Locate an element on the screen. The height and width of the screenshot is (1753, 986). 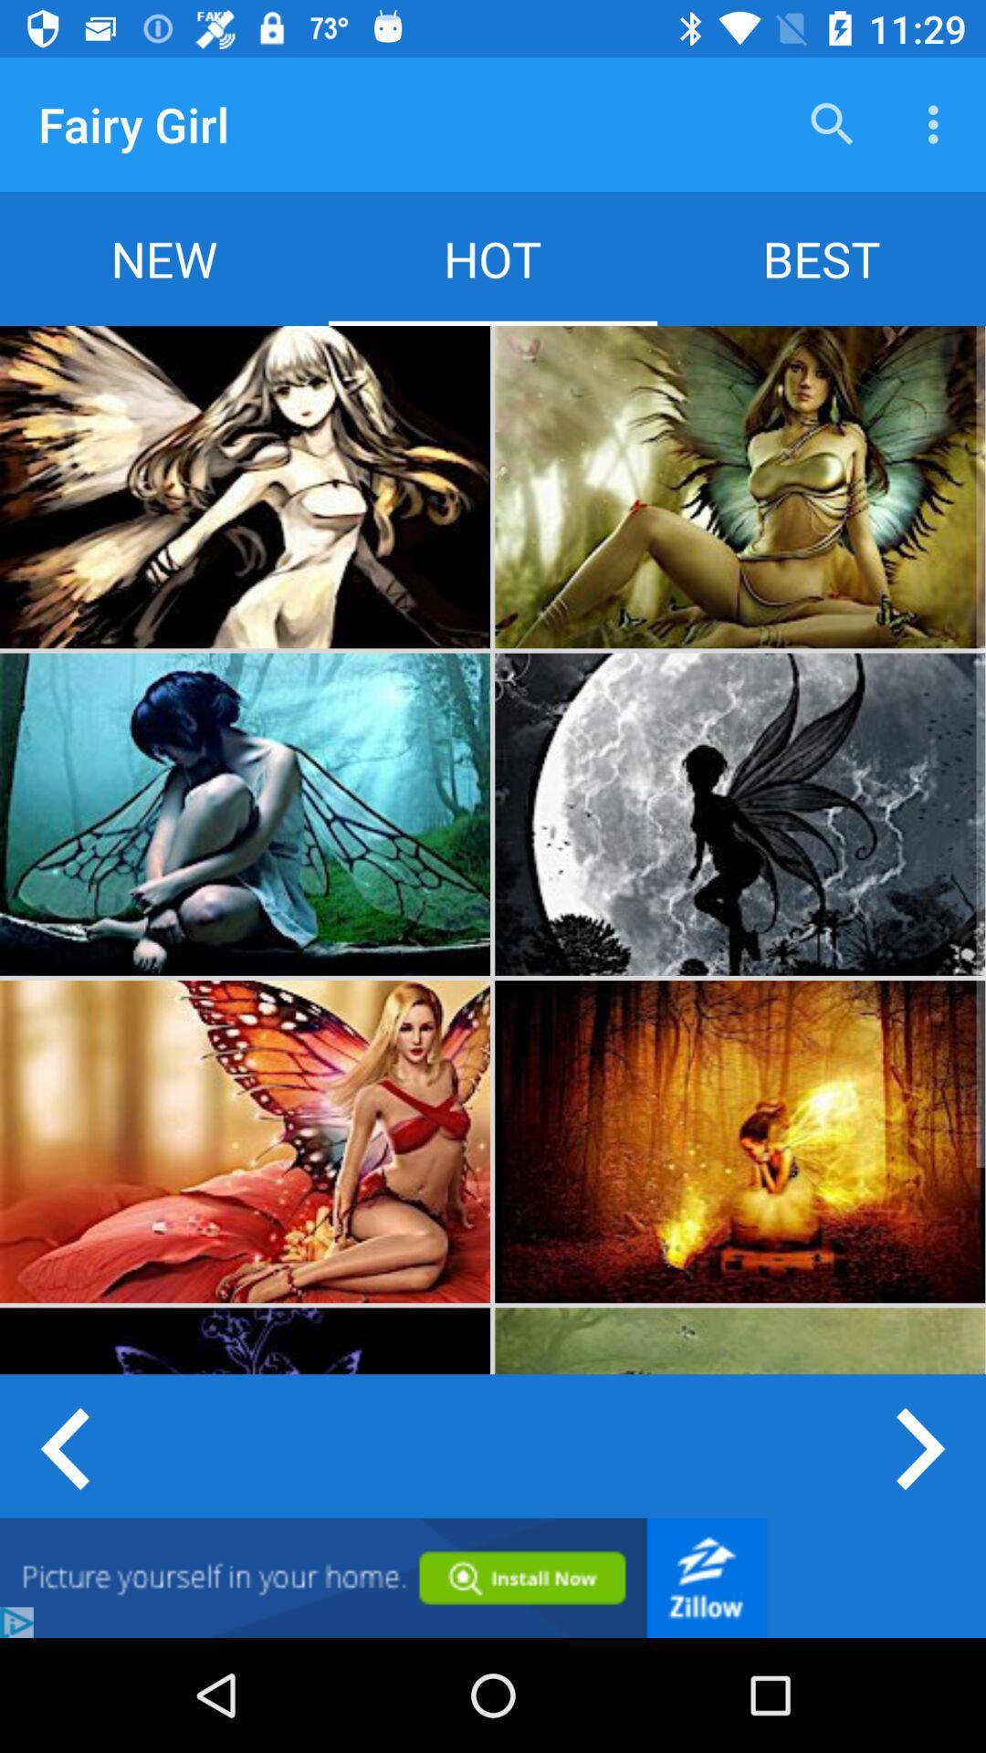
the arrow_backward icon is located at coordinates (62, 1445).